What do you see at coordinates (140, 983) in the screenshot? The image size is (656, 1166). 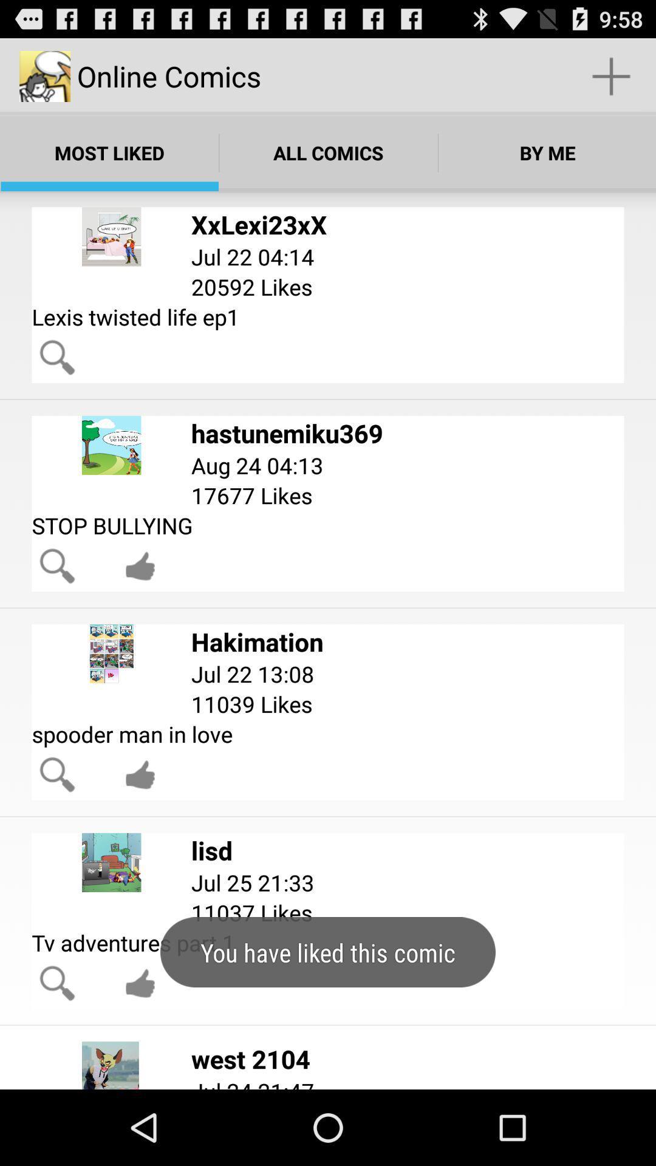 I see `like the comic` at bounding box center [140, 983].